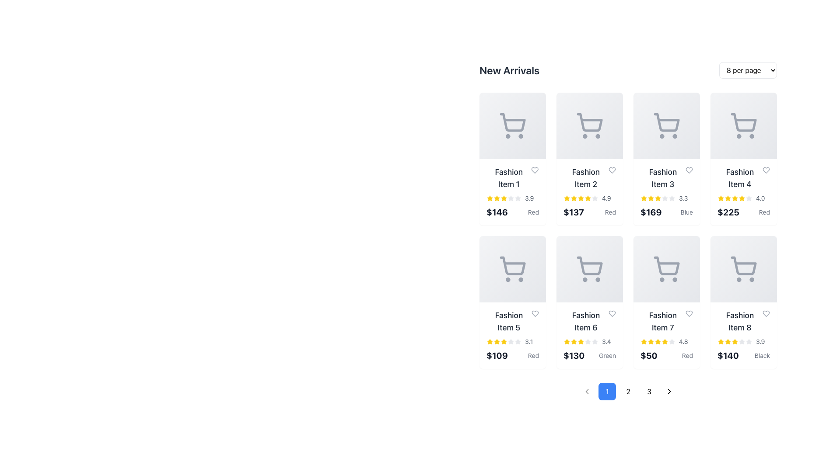 This screenshot has height=472, width=840. I want to click on the price label displaying '$146', so click(497, 212).